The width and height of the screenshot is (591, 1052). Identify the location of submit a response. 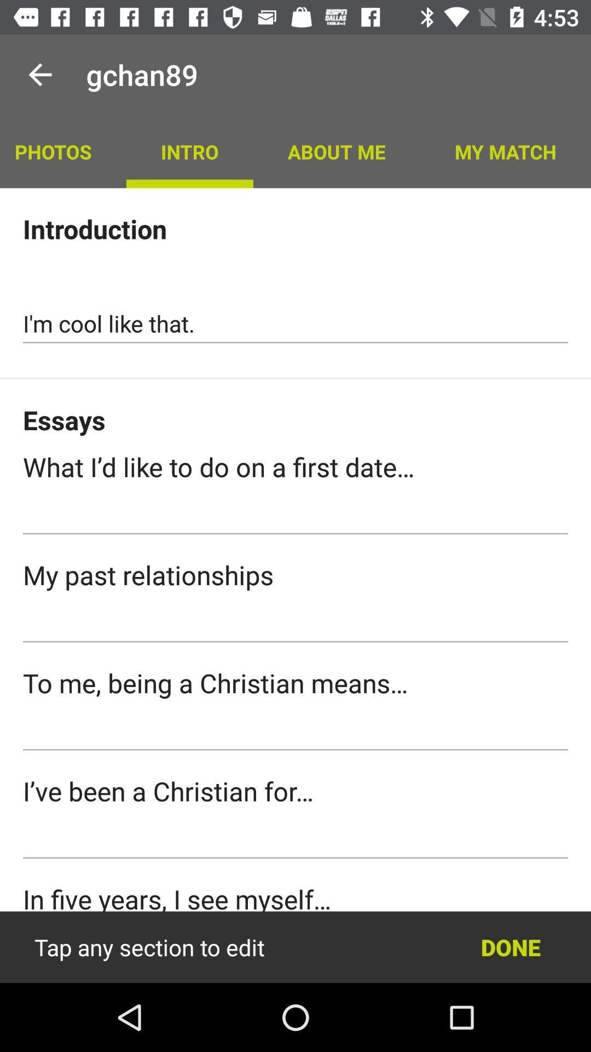
(296, 514).